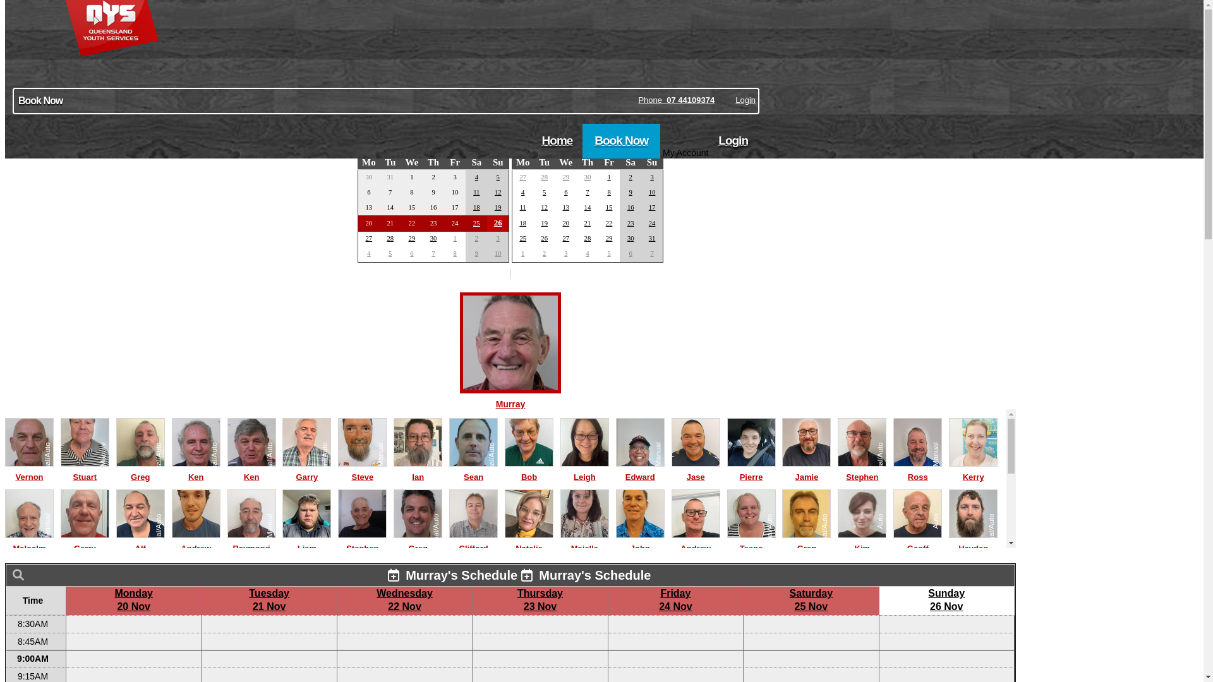  Describe the element at coordinates (361, 613) in the screenshot. I see `'Cameron` at that location.